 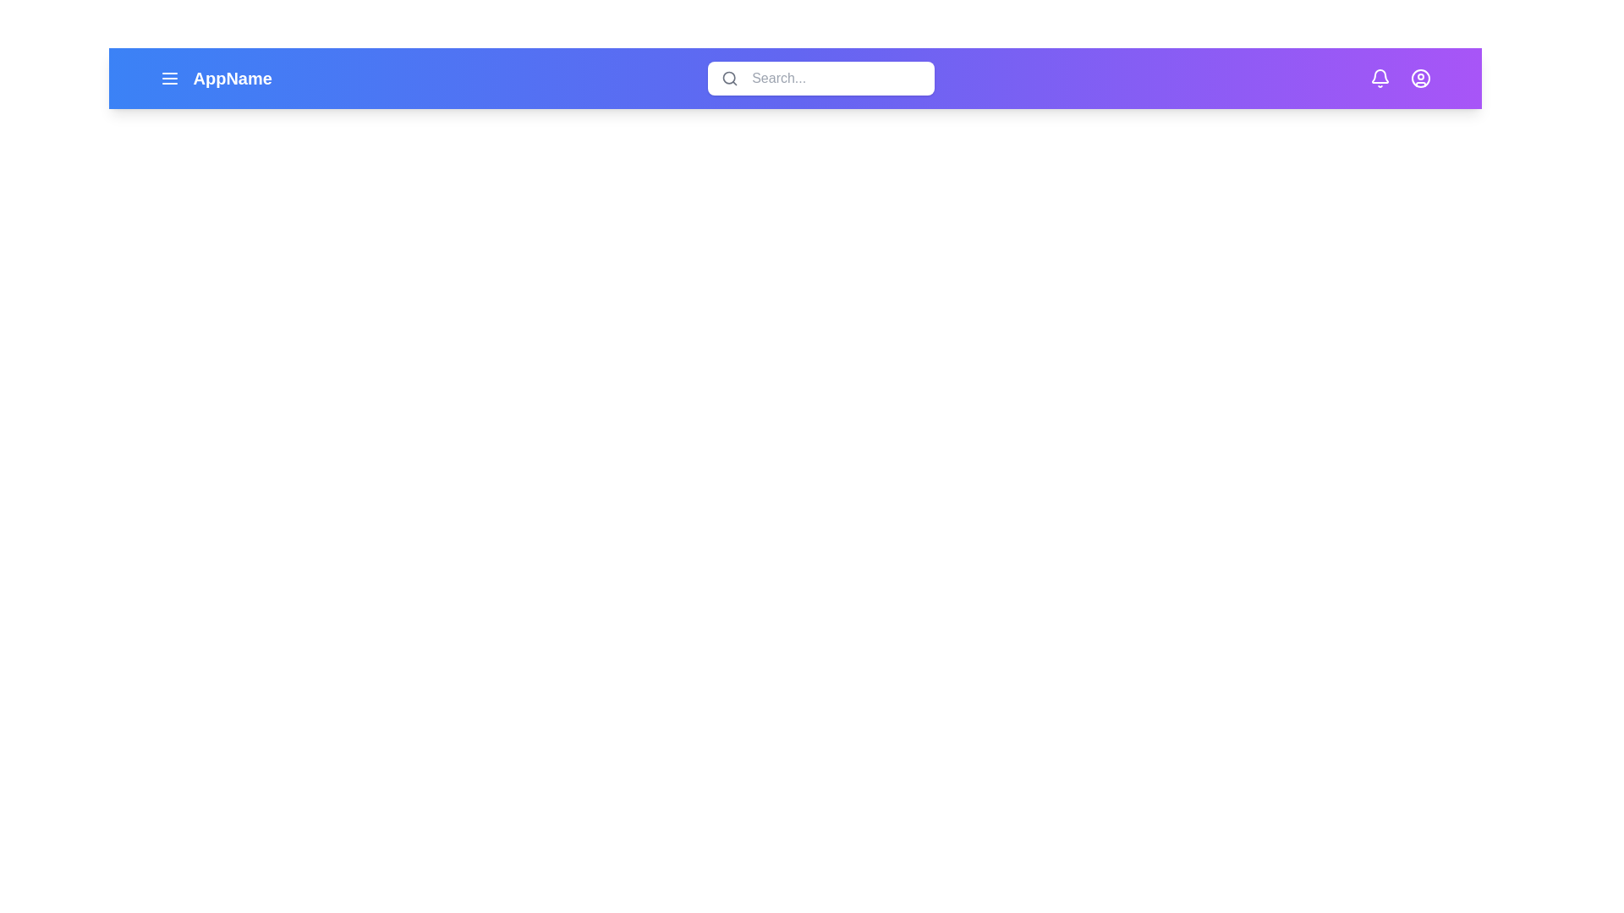 I want to click on the menu icon to observe hover effects, so click(x=169, y=78).